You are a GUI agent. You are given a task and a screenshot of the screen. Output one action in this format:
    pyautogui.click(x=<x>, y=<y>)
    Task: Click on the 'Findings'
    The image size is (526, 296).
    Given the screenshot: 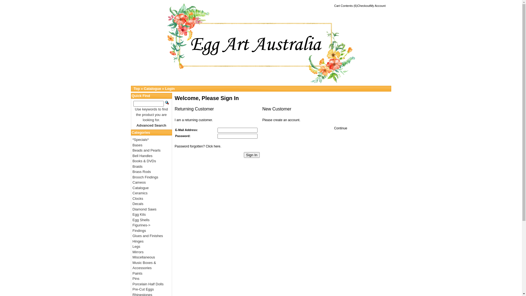 What is the action you would take?
    pyautogui.click(x=139, y=230)
    